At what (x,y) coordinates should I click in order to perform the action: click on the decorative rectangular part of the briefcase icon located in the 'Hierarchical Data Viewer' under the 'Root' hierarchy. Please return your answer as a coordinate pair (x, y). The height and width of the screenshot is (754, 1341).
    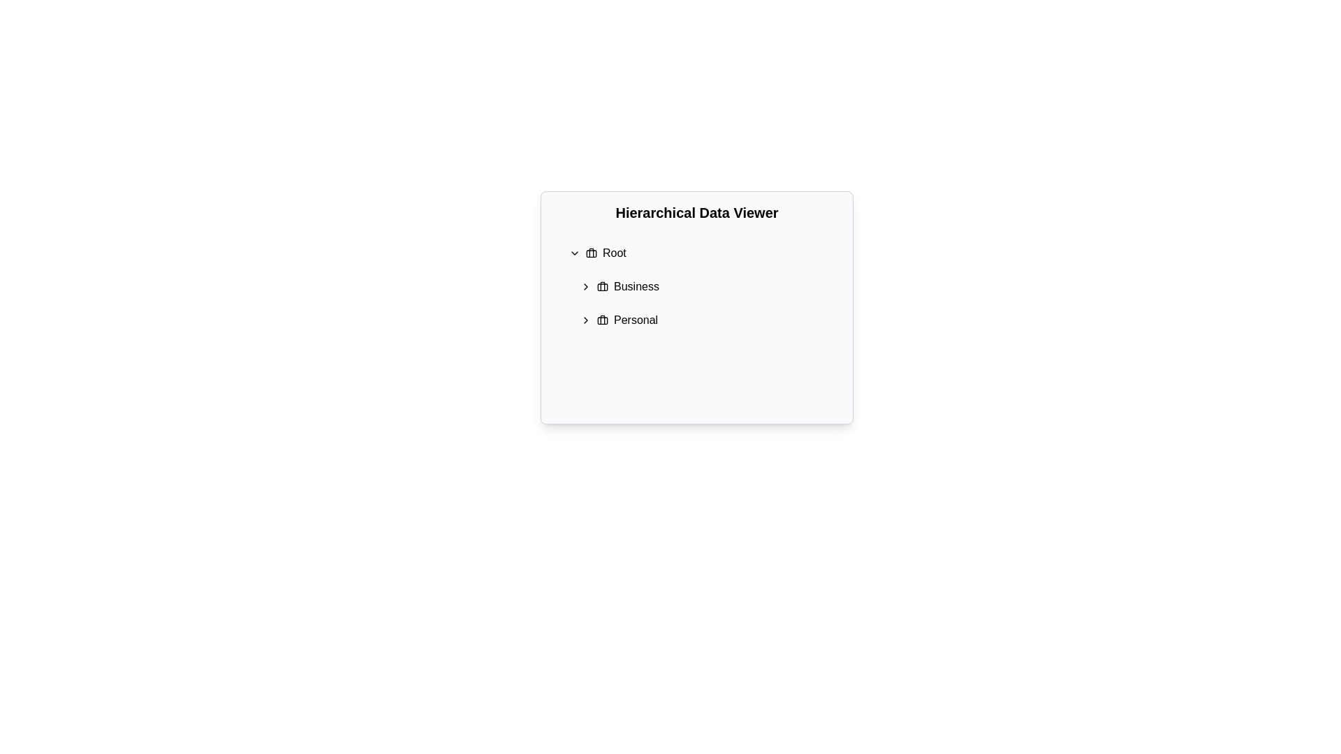
    Looking at the image, I should click on (603, 286).